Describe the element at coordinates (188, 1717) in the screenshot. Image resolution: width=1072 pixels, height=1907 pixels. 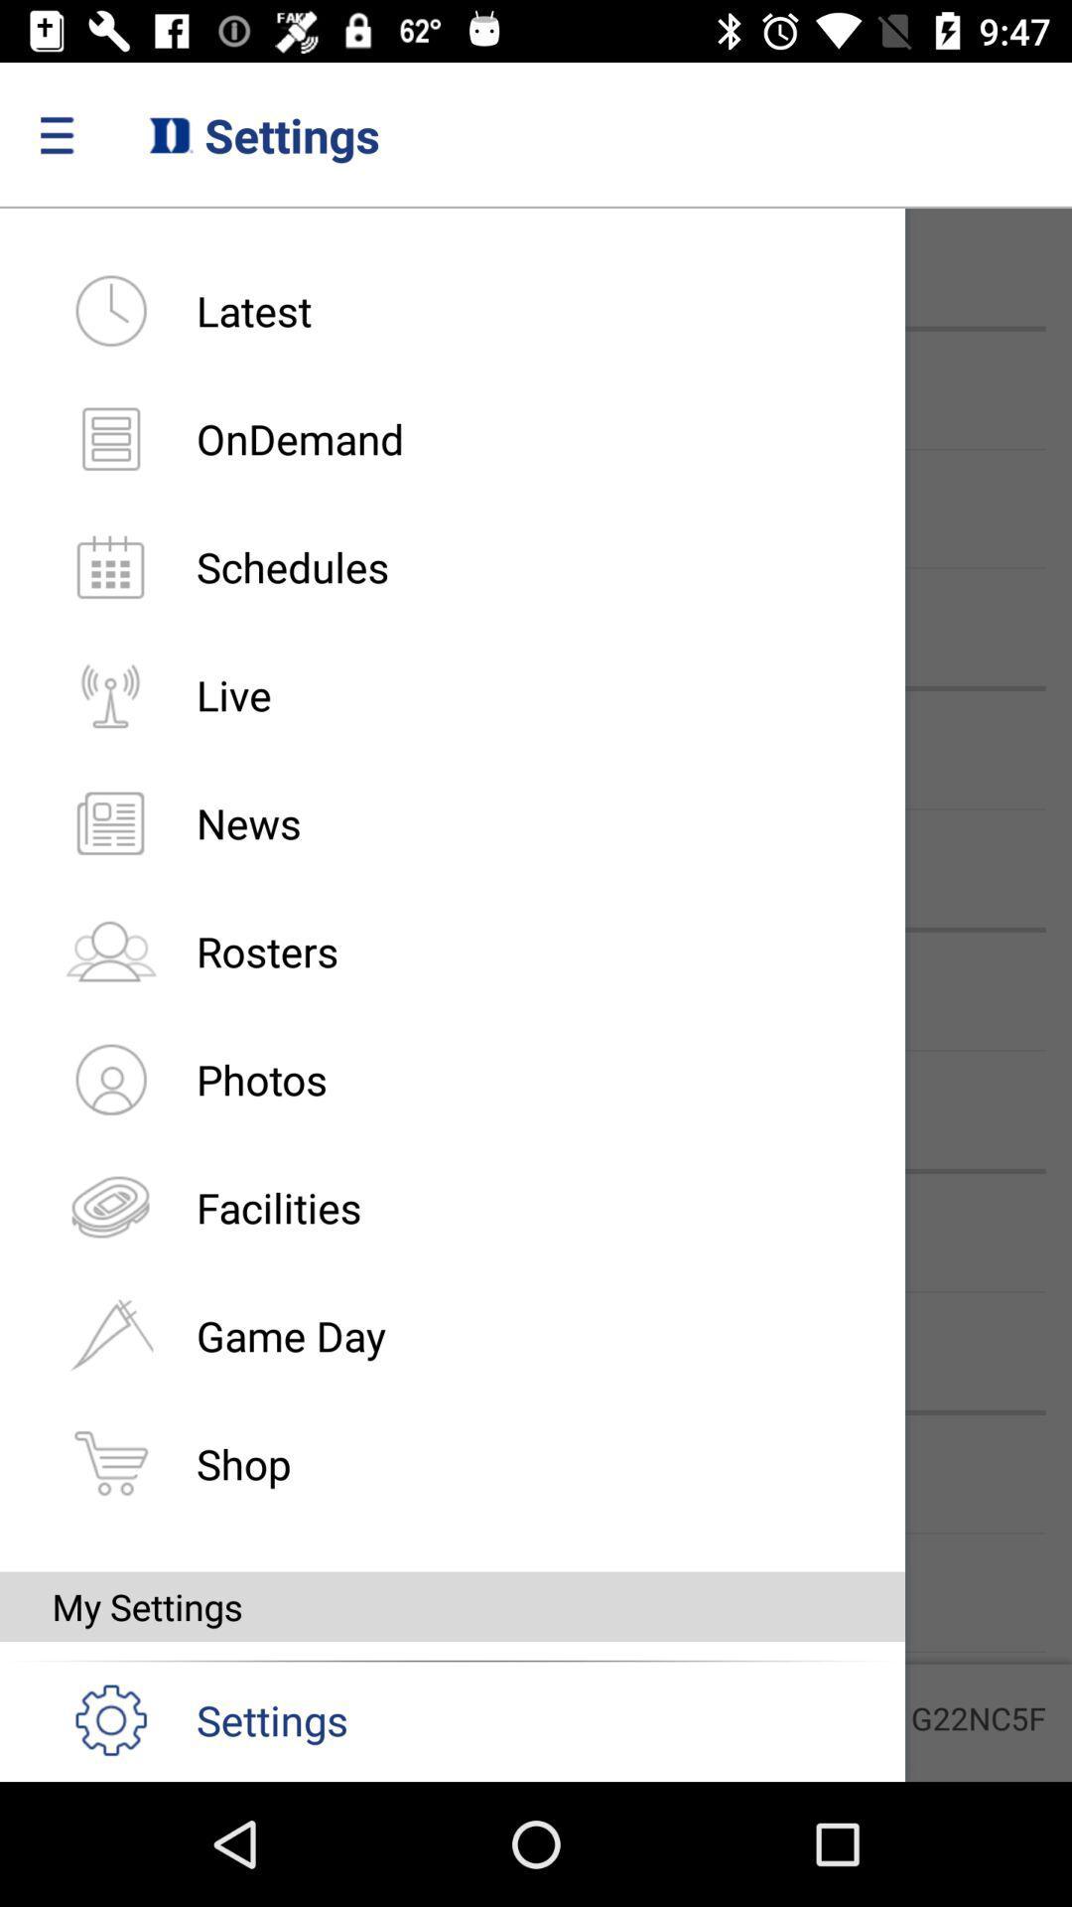
I see `settings` at that location.